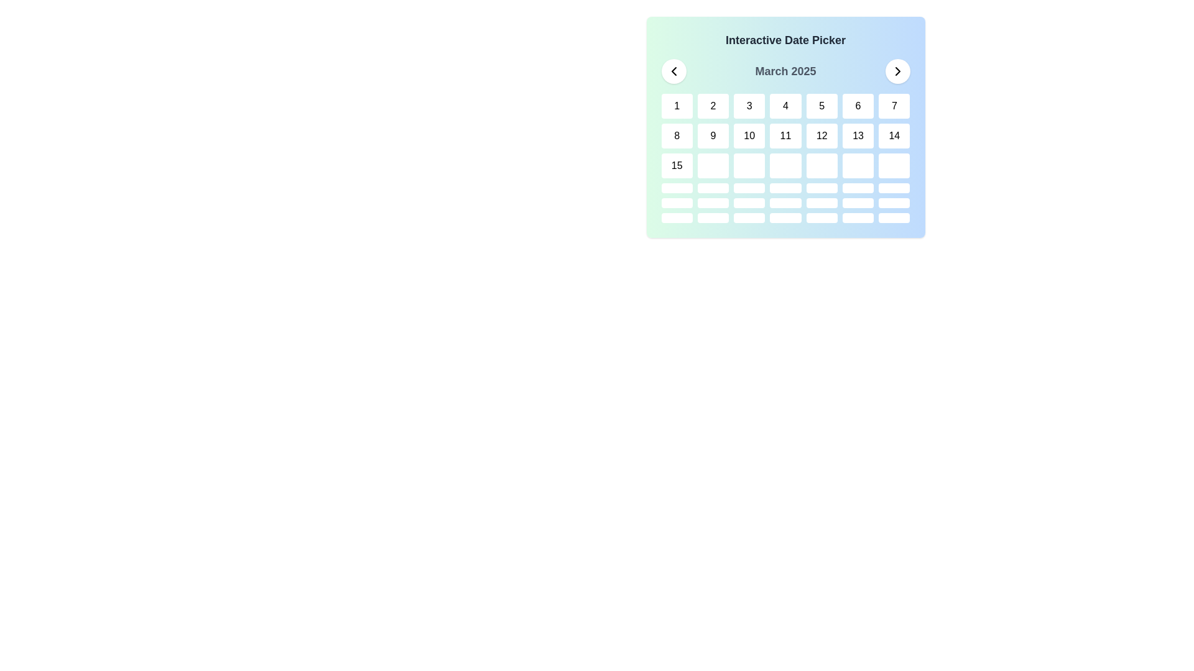 The image size is (1194, 671). I want to click on the button located in the top-right corner of the calendar interface, so click(897, 71).